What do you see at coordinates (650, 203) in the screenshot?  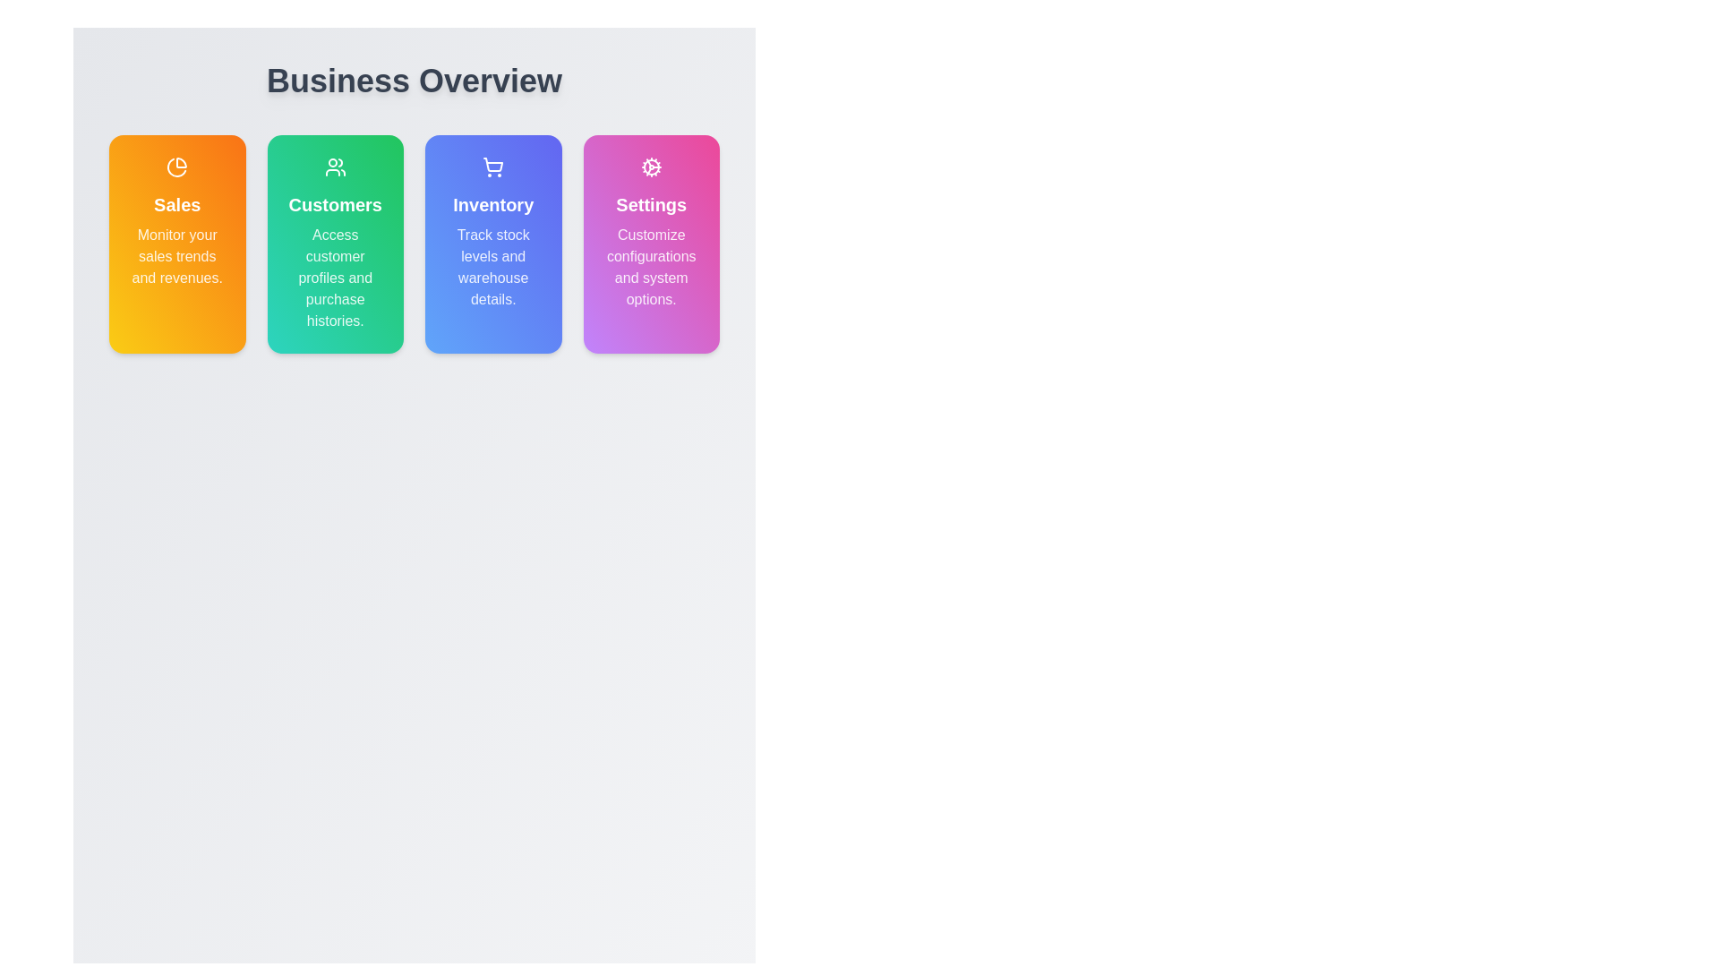 I see `text of the Heading or Title Text element labeled 'Settings', which is a bold, large-sized, white-colored text positioned centrally within a pink card` at bounding box center [650, 203].